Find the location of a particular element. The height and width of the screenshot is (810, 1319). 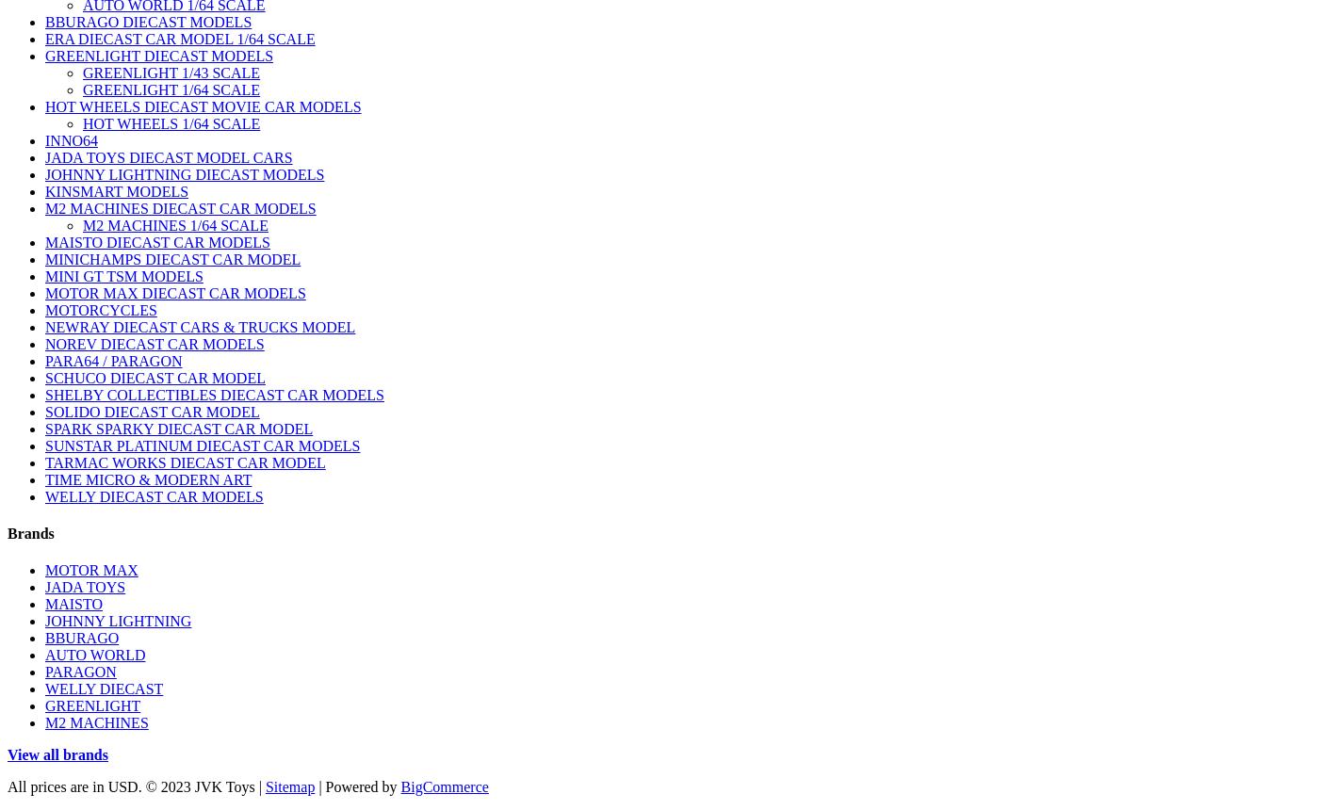

'PARAGON' is located at coordinates (80, 671).